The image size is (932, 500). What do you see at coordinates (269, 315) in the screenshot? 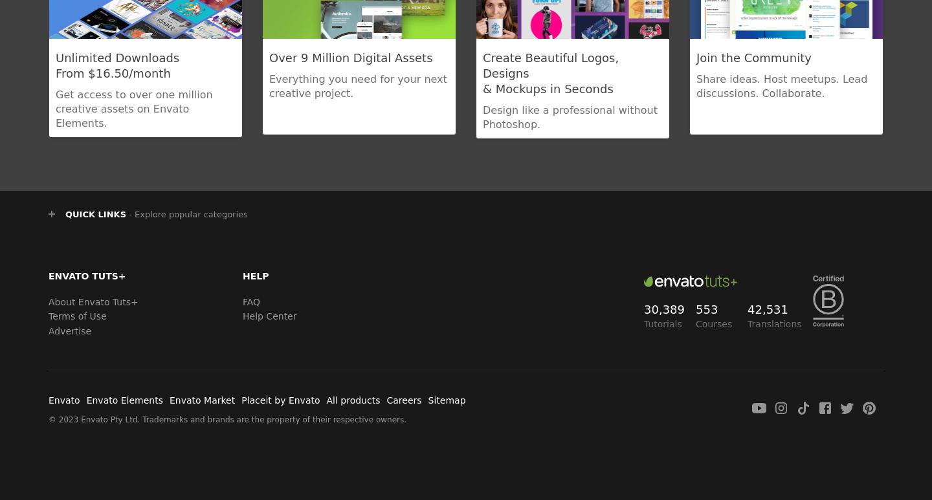
I see `'Help Center'` at bounding box center [269, 315].